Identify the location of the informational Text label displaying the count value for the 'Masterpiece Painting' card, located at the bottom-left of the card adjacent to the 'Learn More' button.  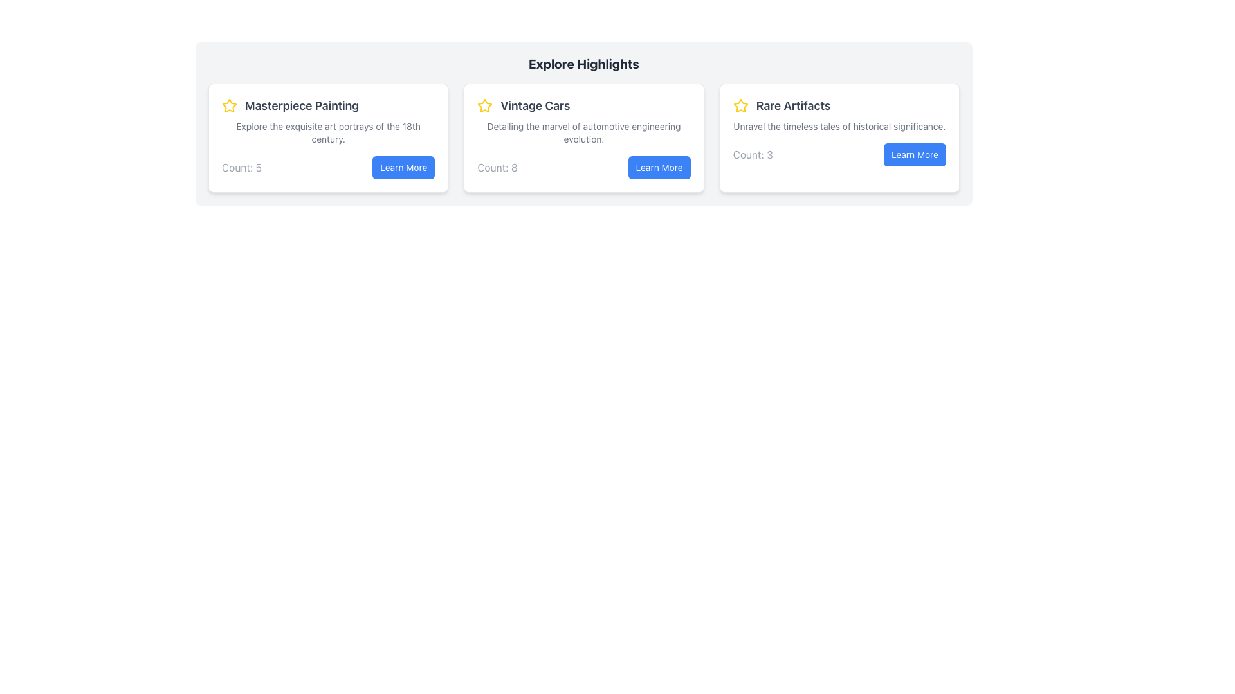
(241, 167).